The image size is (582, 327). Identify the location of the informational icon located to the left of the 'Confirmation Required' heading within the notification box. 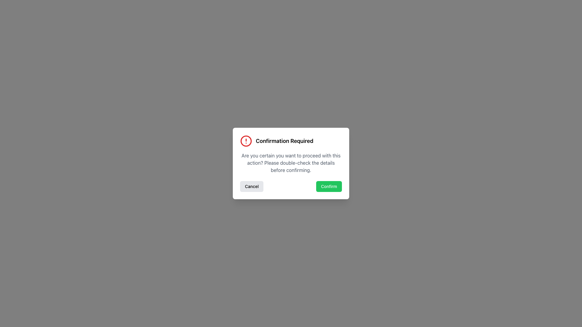
(246, 141).